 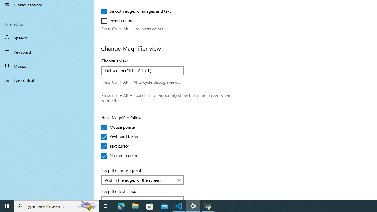 What do you see at coordinates (47, 52) in the screenshot?
I see `'Keyboard'` at bounding box center [47, 52].